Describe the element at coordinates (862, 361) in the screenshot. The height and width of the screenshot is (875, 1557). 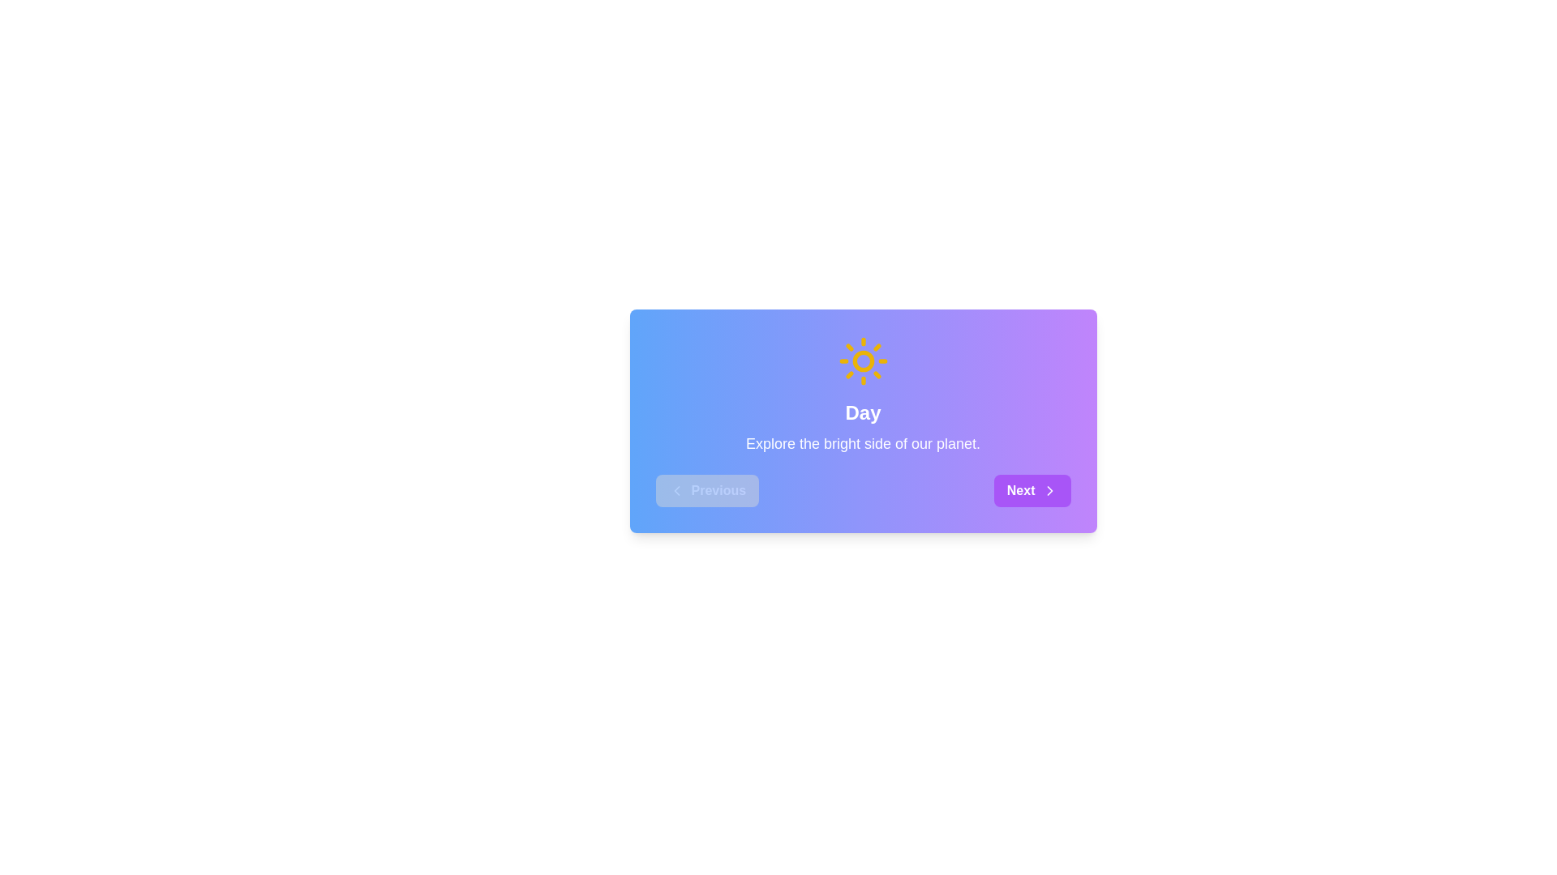
I see `the visual representation of the core of the sun icon, which is a circular graphic located at the center of the Day card theme in the user interface` at that location.